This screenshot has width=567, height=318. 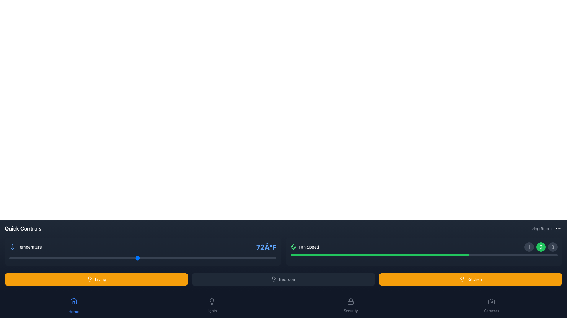 I want to click on the information displayed, so click(x=211, y=311).